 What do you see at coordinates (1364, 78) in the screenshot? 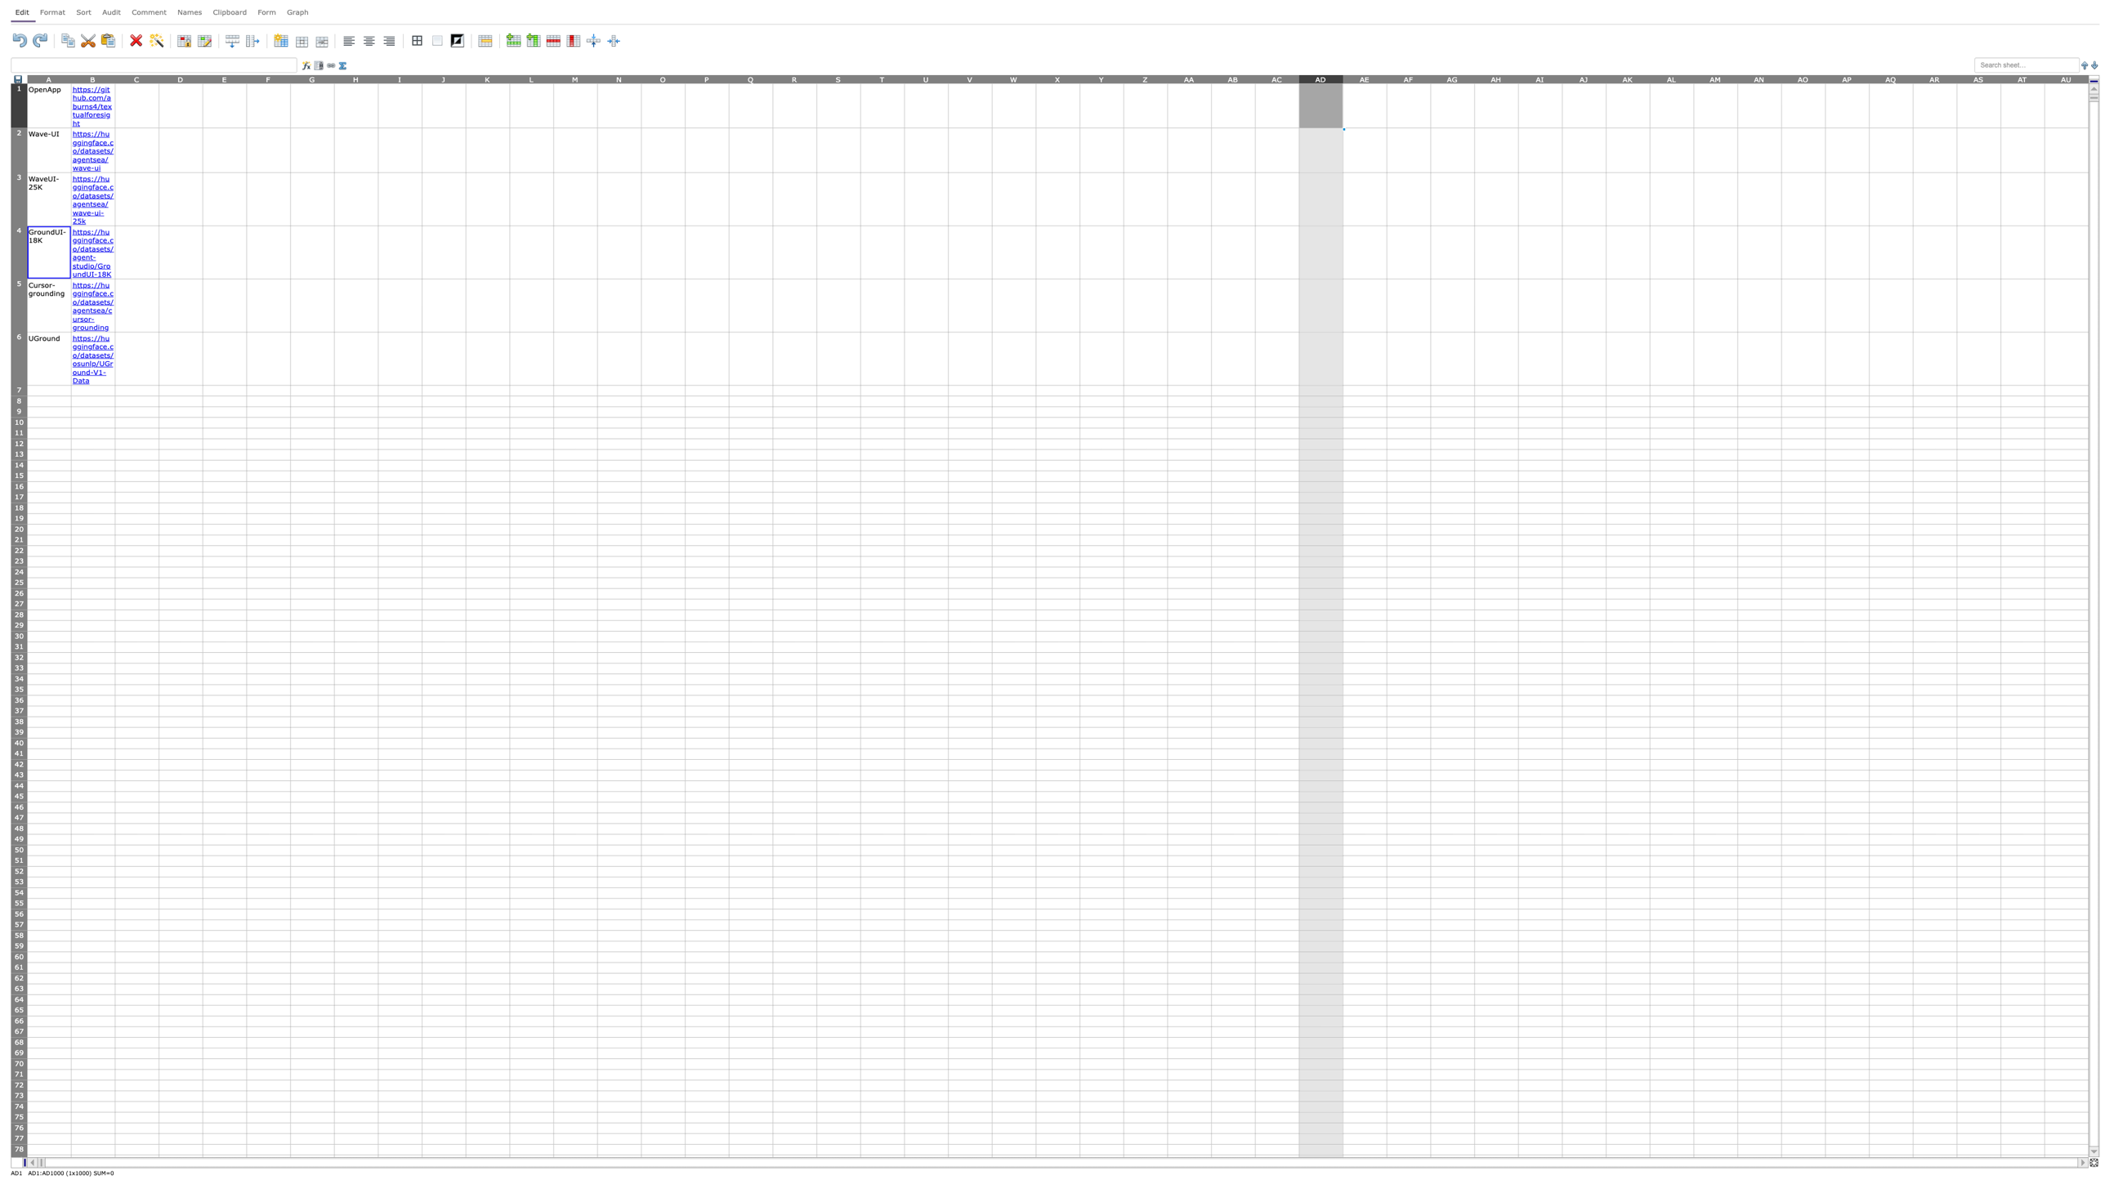
I see `column AE` at bounding box center [1364, 78].